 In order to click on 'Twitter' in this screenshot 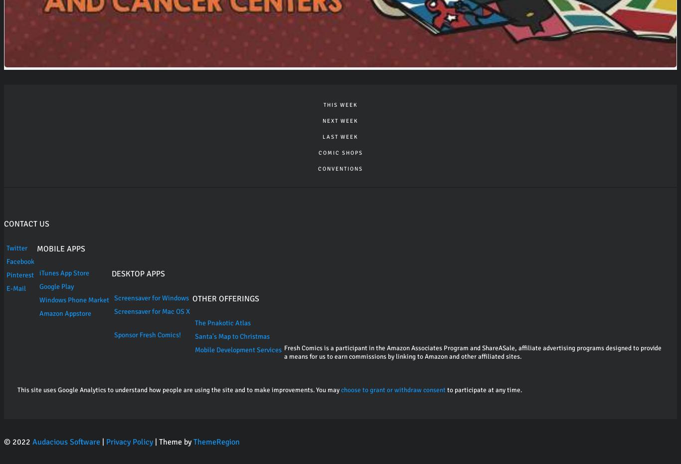, I will do `click(17, 247)`.